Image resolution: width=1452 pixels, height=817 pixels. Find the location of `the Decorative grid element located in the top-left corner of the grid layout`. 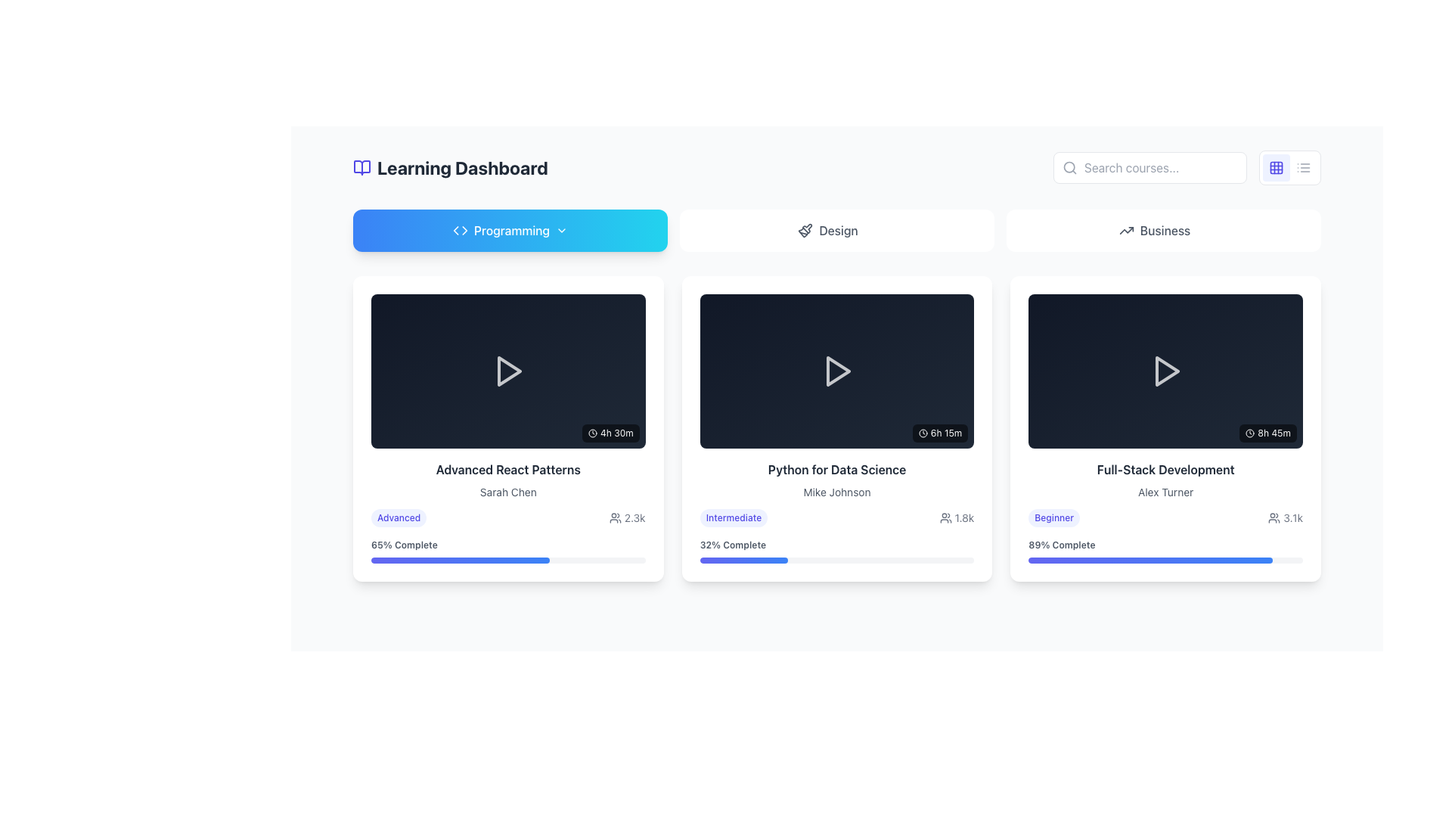

the Decorative grid element located in the top-left corner of the grid layout is located at coordinates (1276, 168).